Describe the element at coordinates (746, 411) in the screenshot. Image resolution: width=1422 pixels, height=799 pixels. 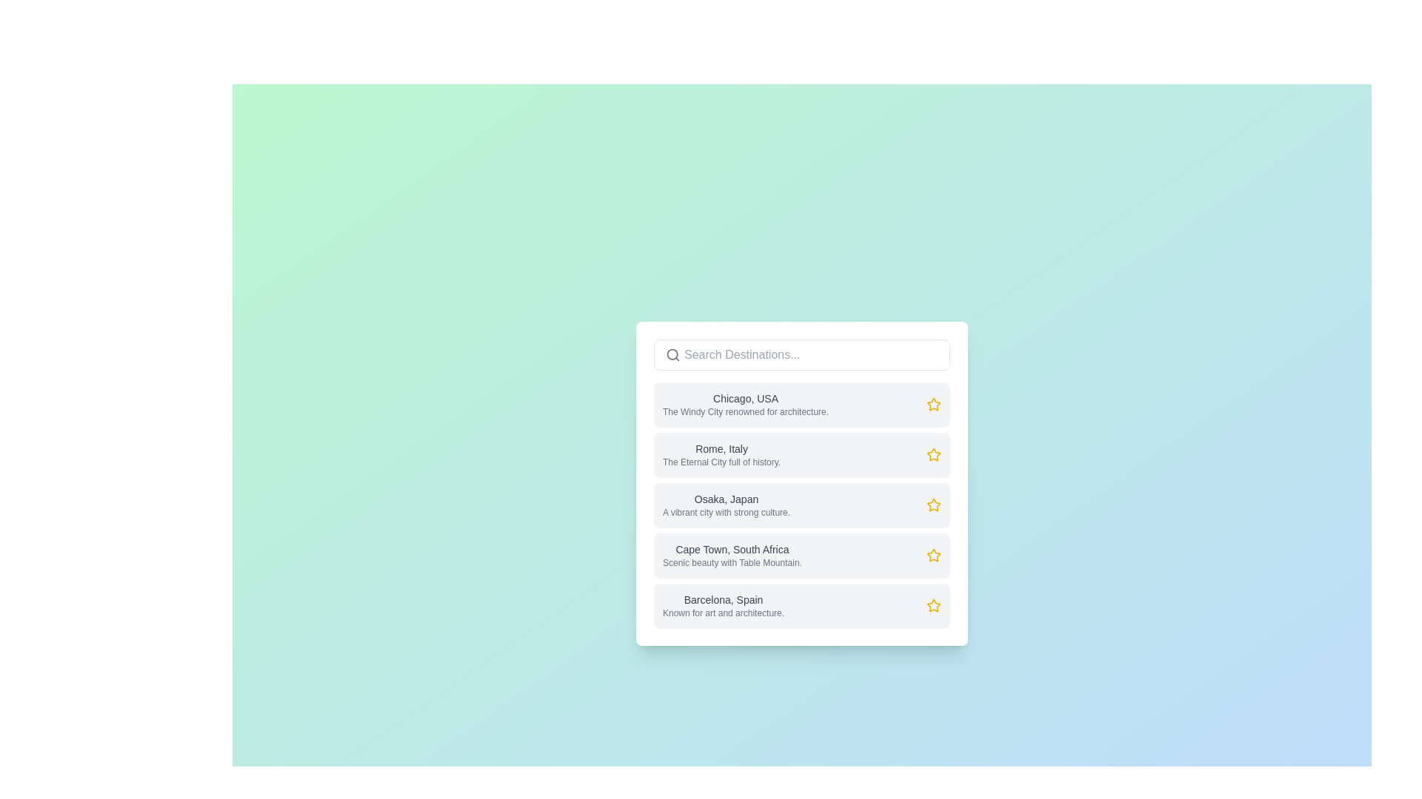
I see `the static text that serves as a descriptive subtitle for 'Chicago, USA', positioned directly below it within the card layout` at that location.